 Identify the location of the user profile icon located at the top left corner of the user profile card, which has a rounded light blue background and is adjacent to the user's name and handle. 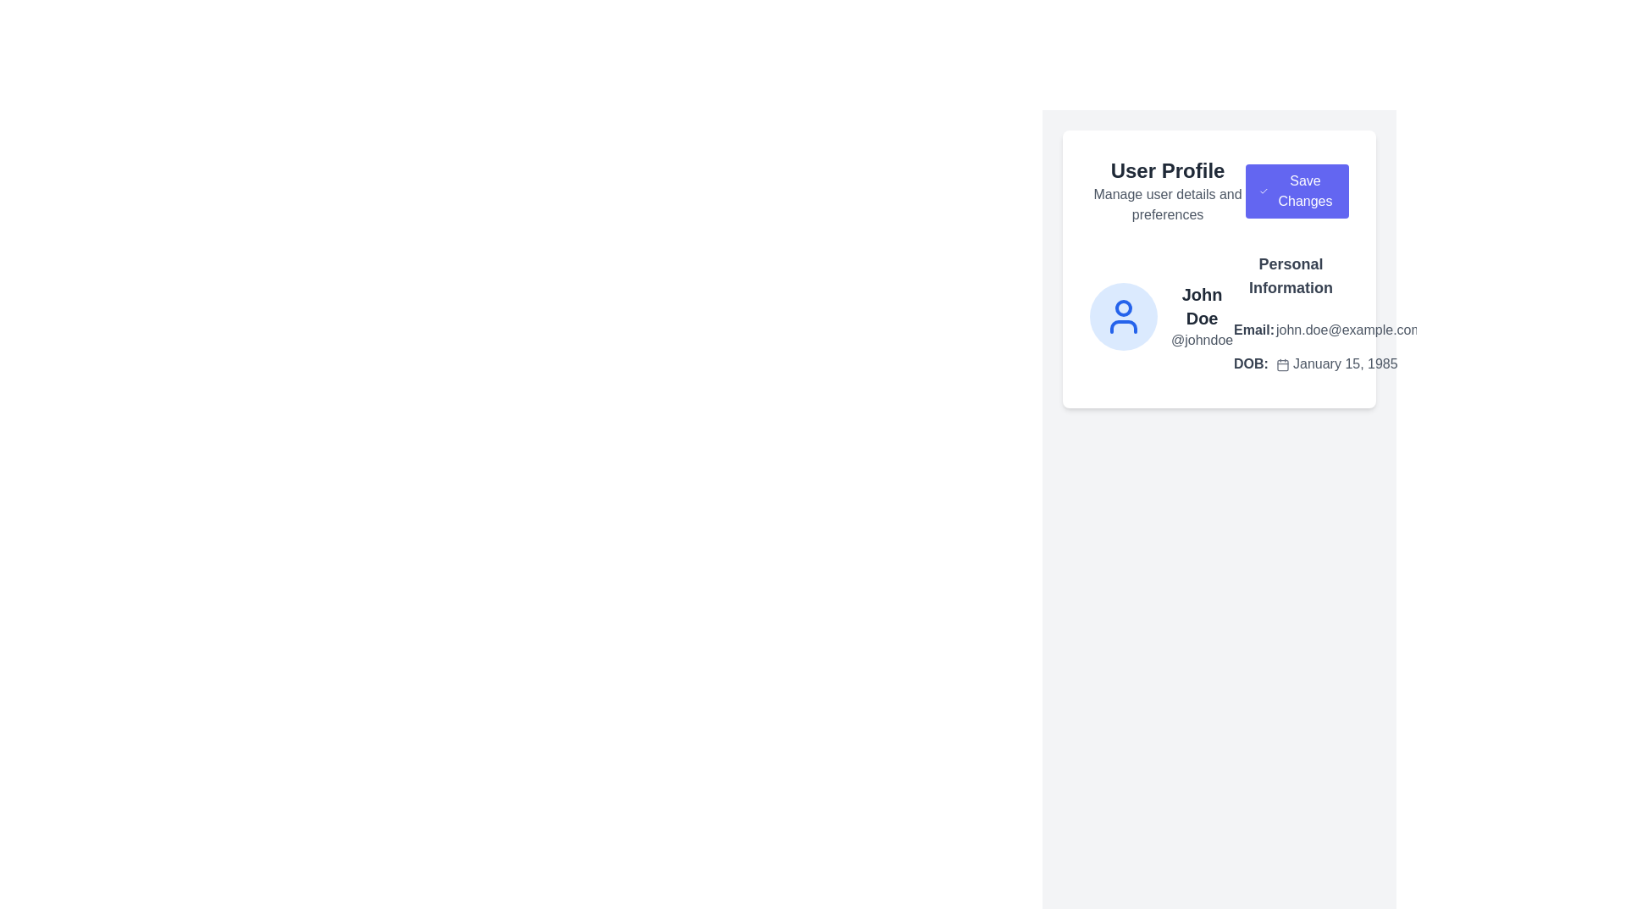
(1123, 317).